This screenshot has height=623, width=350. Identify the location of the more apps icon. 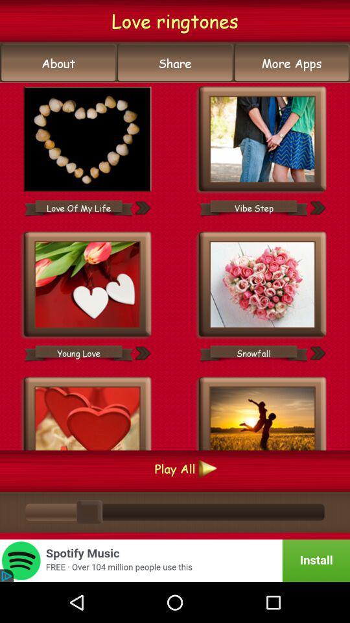
(292, 63).